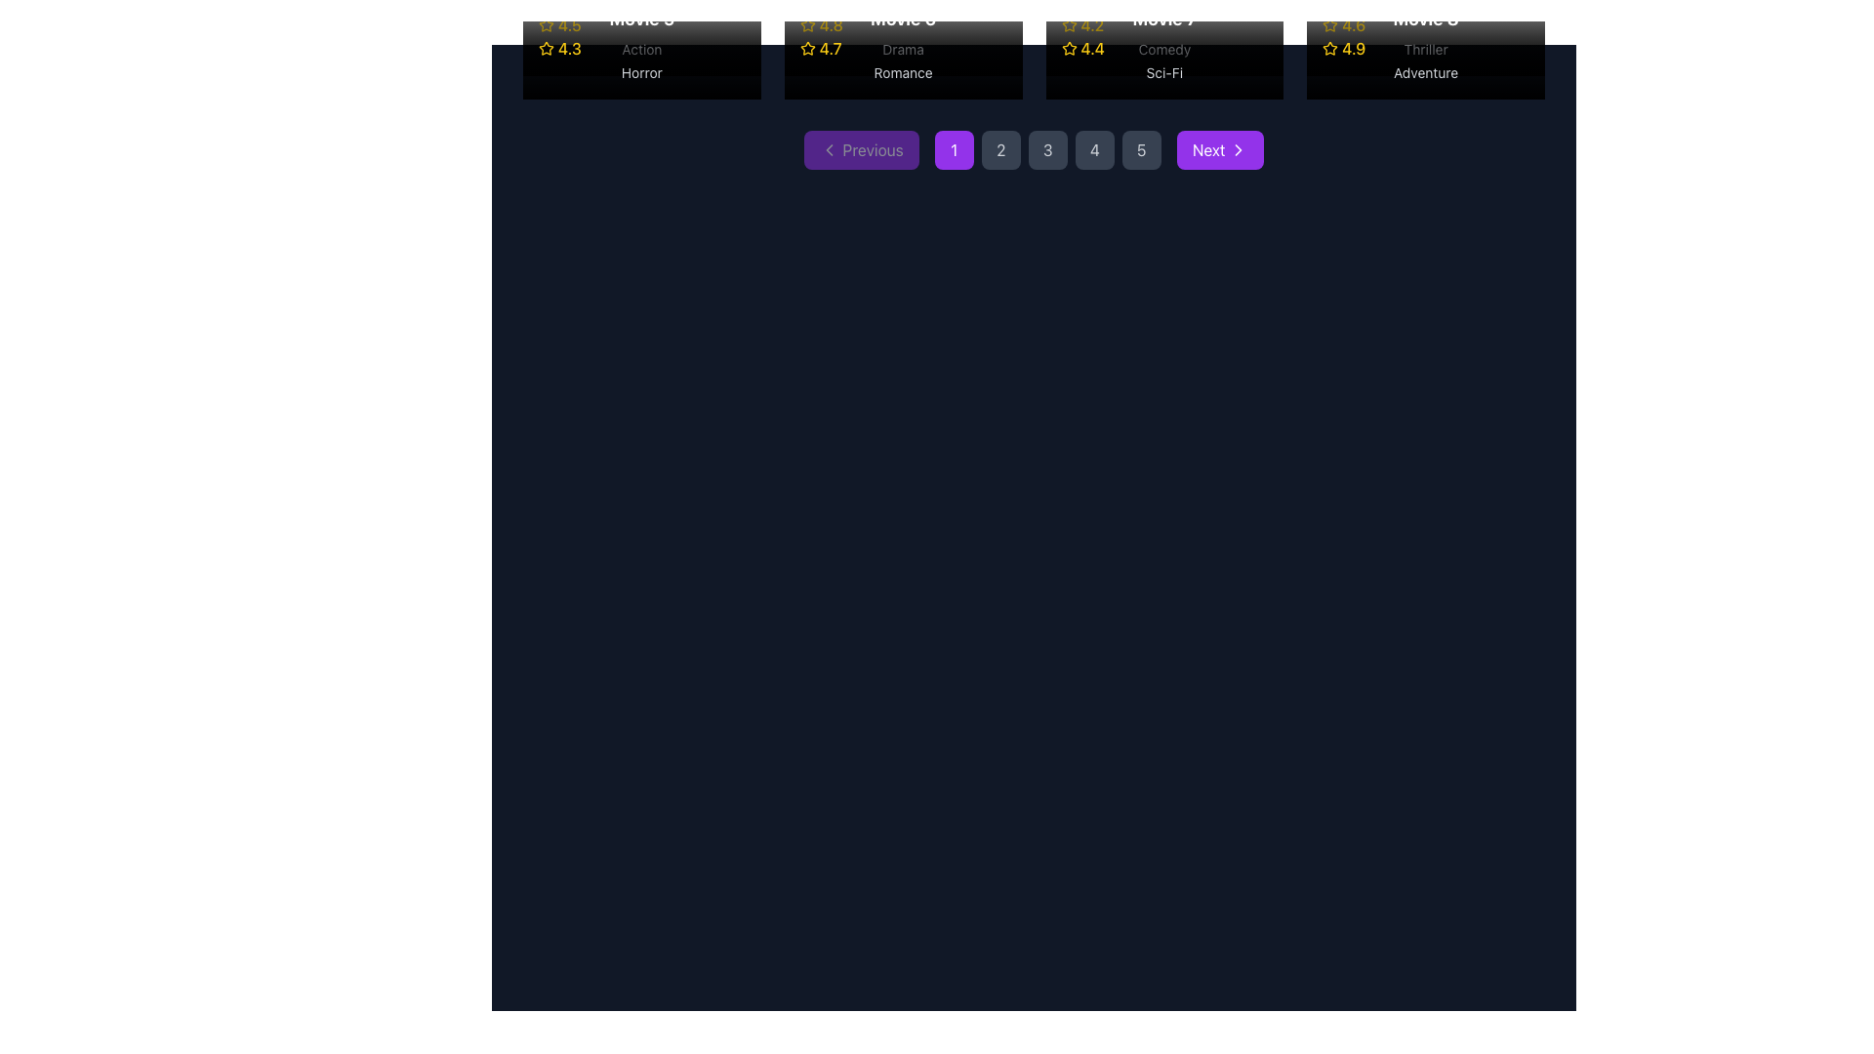  I want to click on the text label displaying 'Movie 6' in bold white font, which is positioned prominently at the top of a dark gradient background, so click(902, 19).